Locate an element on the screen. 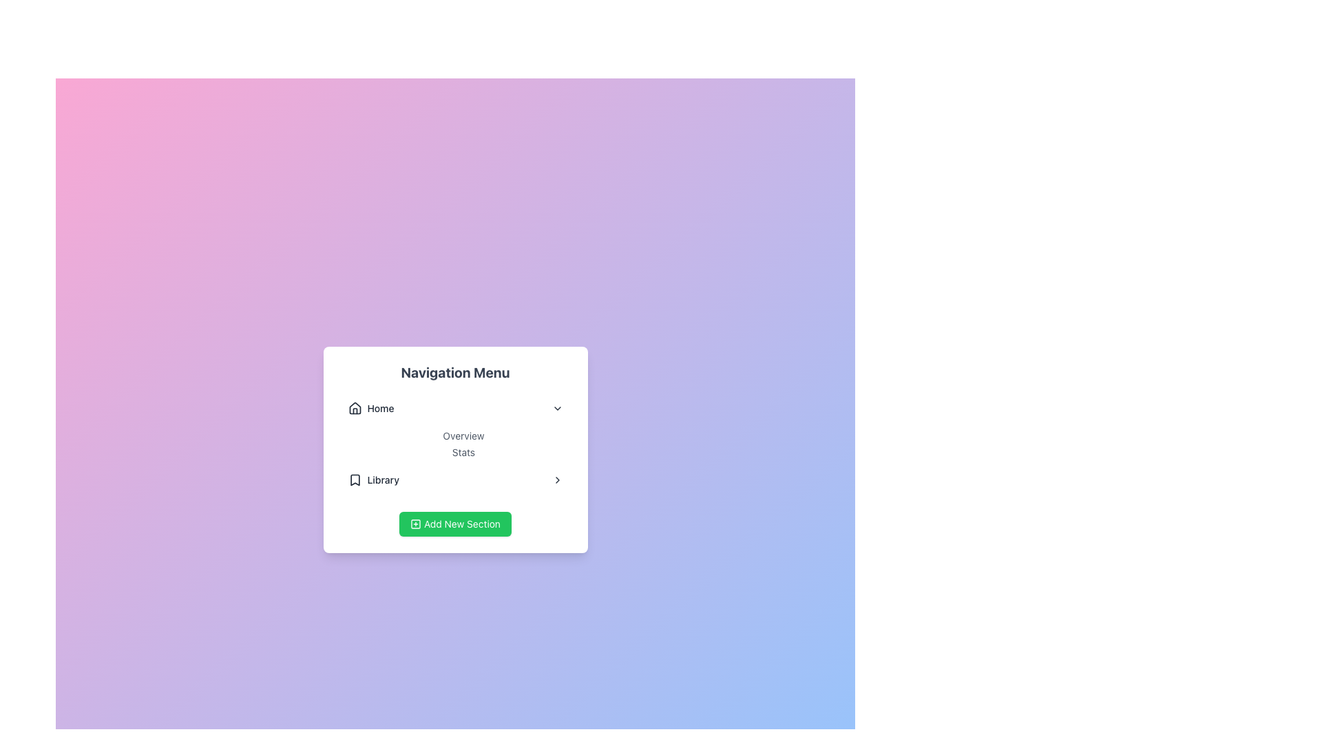 The width and height of the screenshot is (1322, 743). the 'Add New Section' button is located at coordinates (455, 524).